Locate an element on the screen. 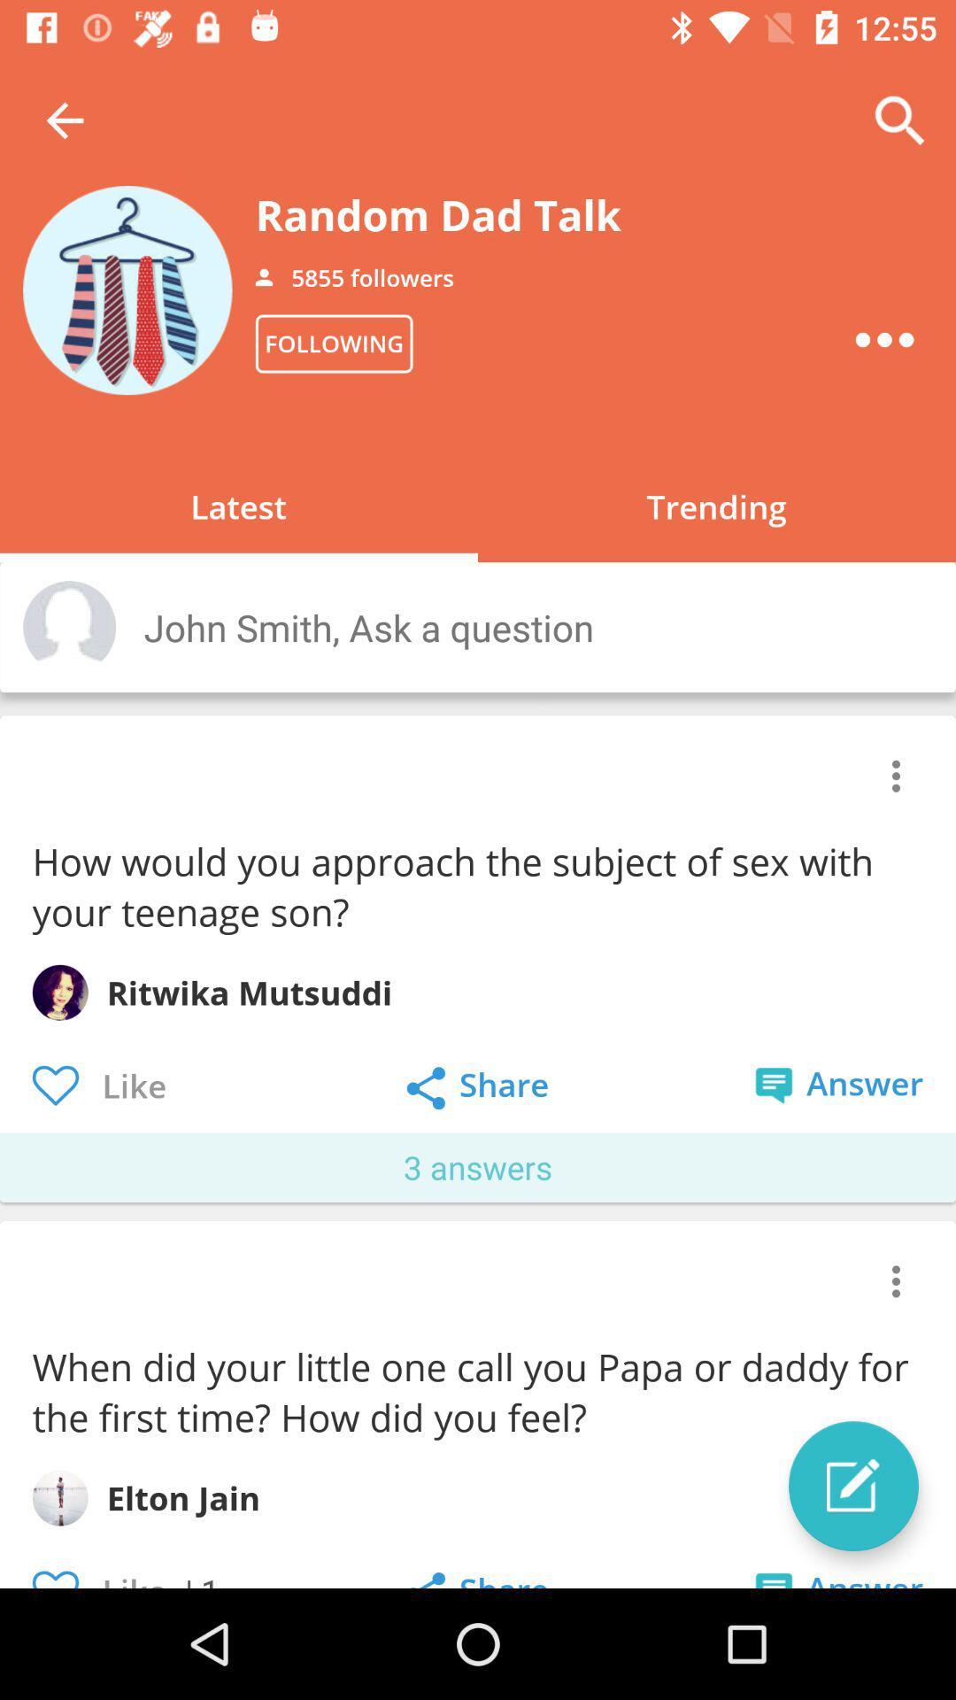  the item above the when did your is located at coordinates (896, 1281).